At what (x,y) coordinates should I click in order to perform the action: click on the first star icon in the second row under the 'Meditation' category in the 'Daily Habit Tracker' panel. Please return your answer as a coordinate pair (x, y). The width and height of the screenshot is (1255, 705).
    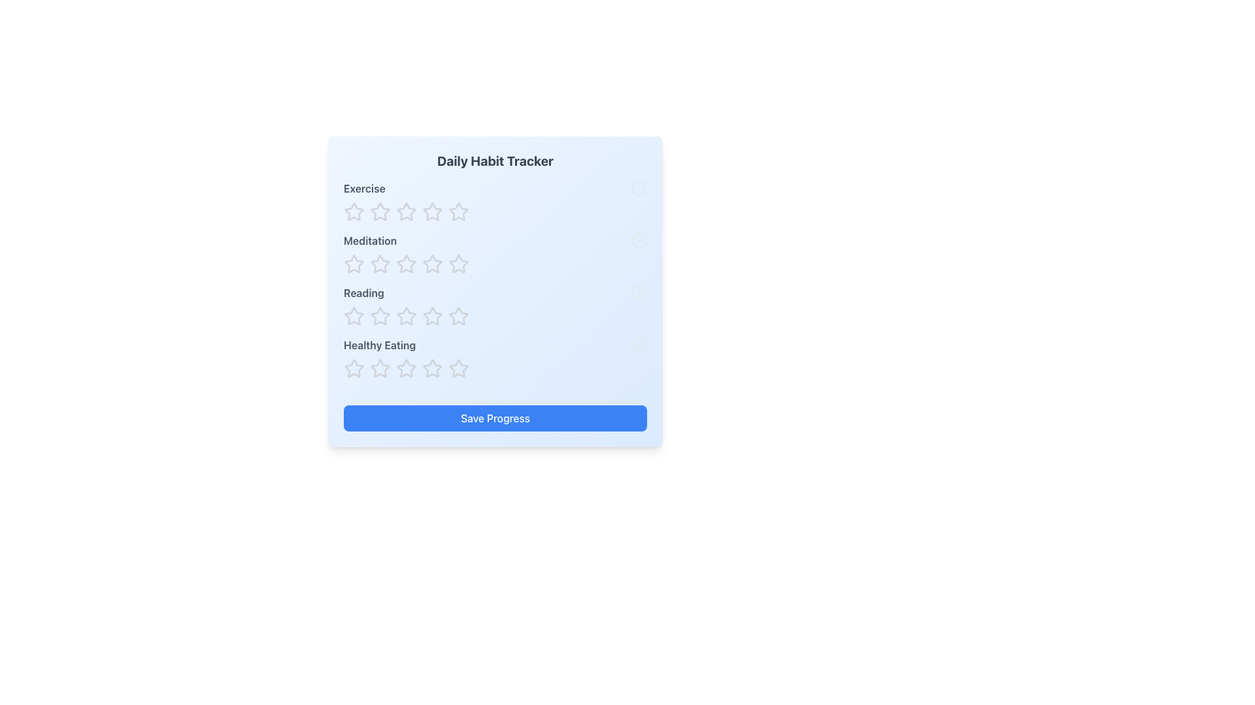
    Looking at the image, I should click on (379, 264).